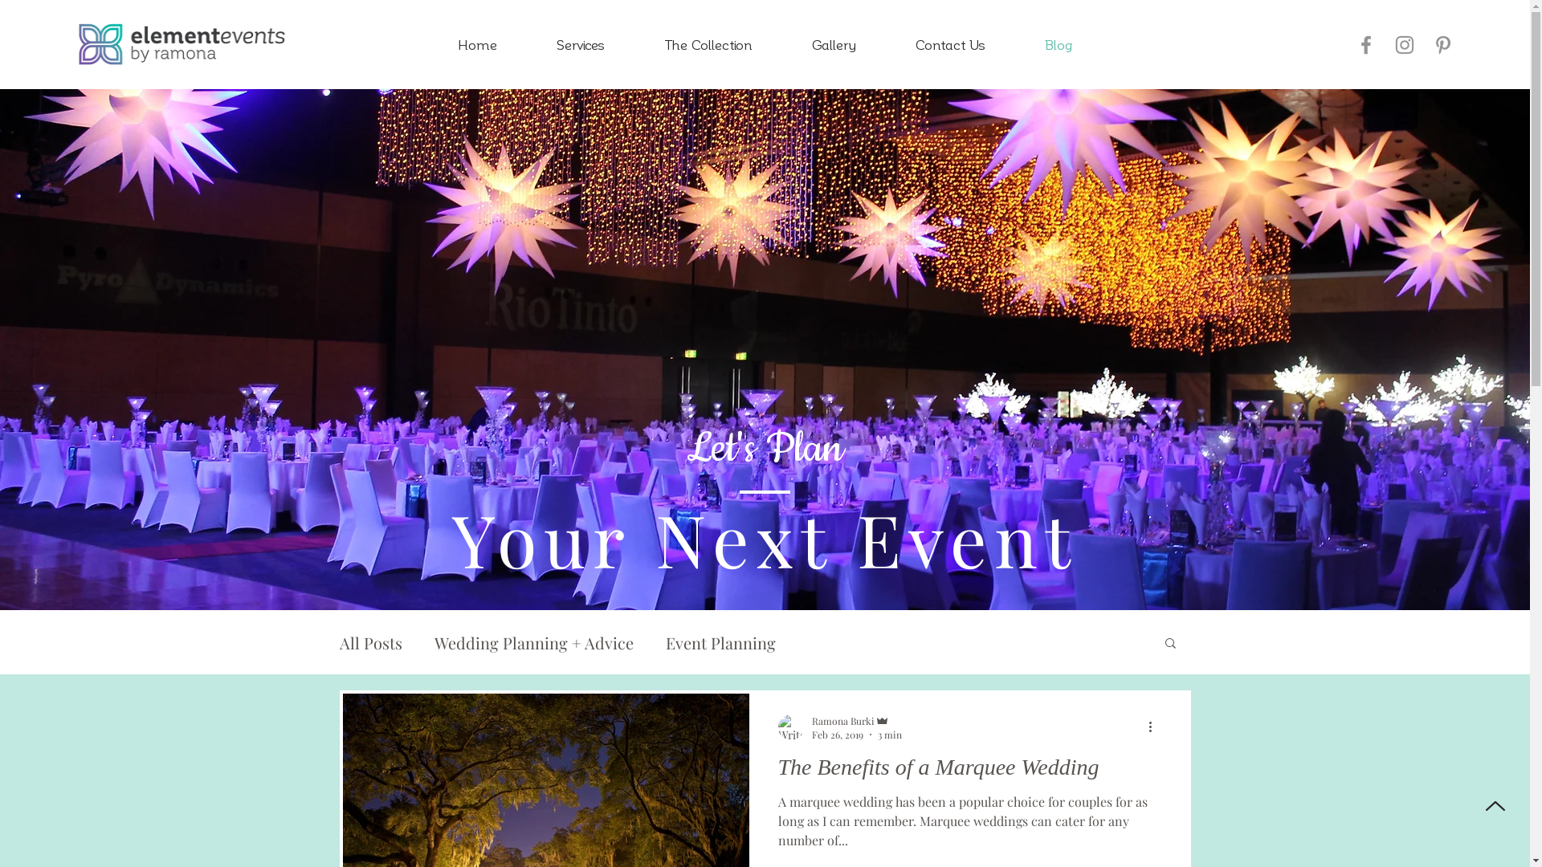 Image resolution: width=1542 pixels, height=867 pixels. Describe the element at coordinates (665, 641) in the screenshot. I see `'Event Planning'` at that location.